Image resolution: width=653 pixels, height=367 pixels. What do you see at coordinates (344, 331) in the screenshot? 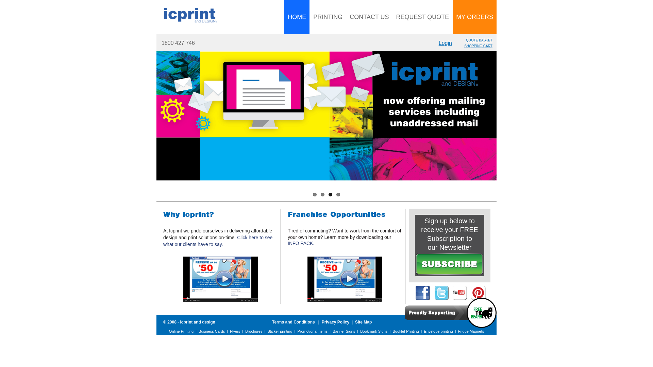
I see `'Banner Signs'` at bounding box center [344, 331].